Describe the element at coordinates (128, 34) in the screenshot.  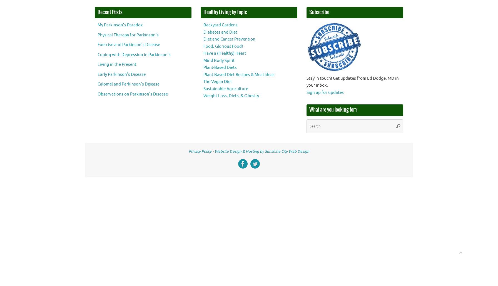
I see `'Physical Therapy for Parkinson’s'` at that location.